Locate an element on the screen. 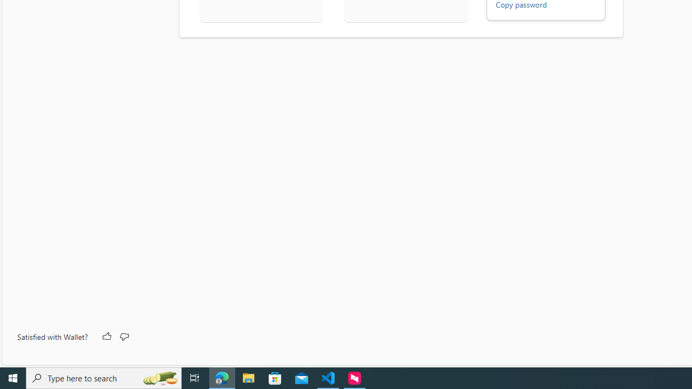  'Microsoft Edge - 1 running window' is located at coordinates (222, 377).